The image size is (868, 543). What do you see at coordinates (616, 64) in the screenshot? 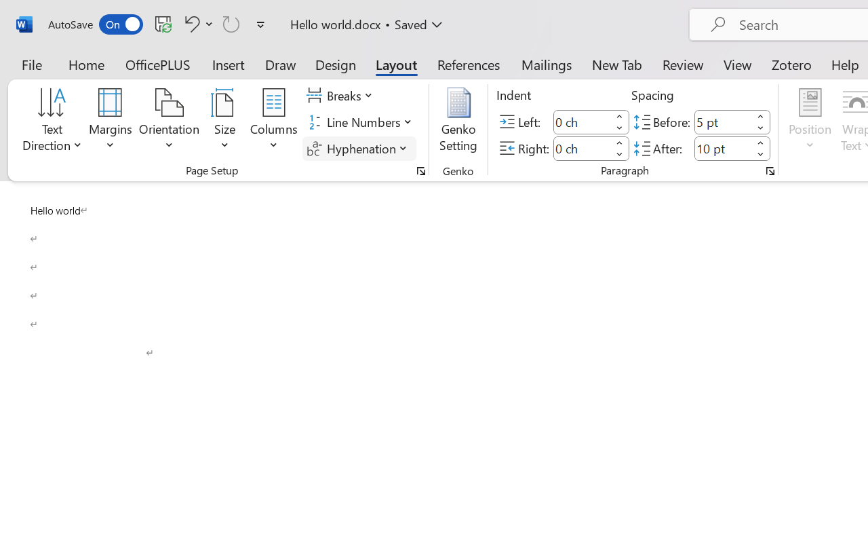
I see `'New Tab'` at bounding box center [616, 64].